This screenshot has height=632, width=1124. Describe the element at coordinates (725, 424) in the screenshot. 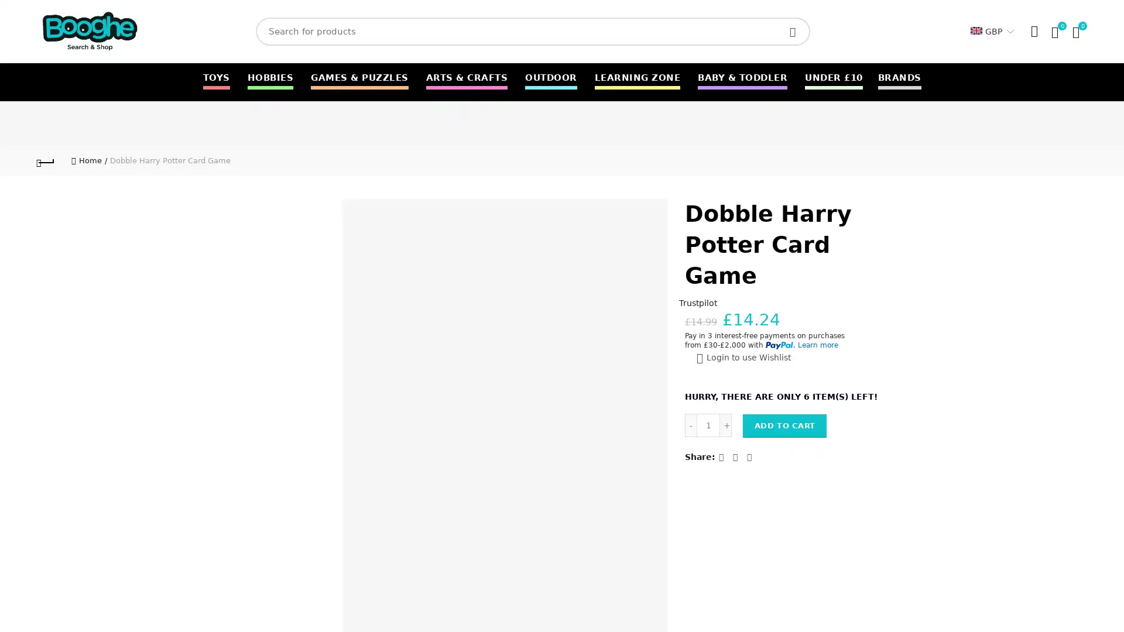

I see `+` at that location.